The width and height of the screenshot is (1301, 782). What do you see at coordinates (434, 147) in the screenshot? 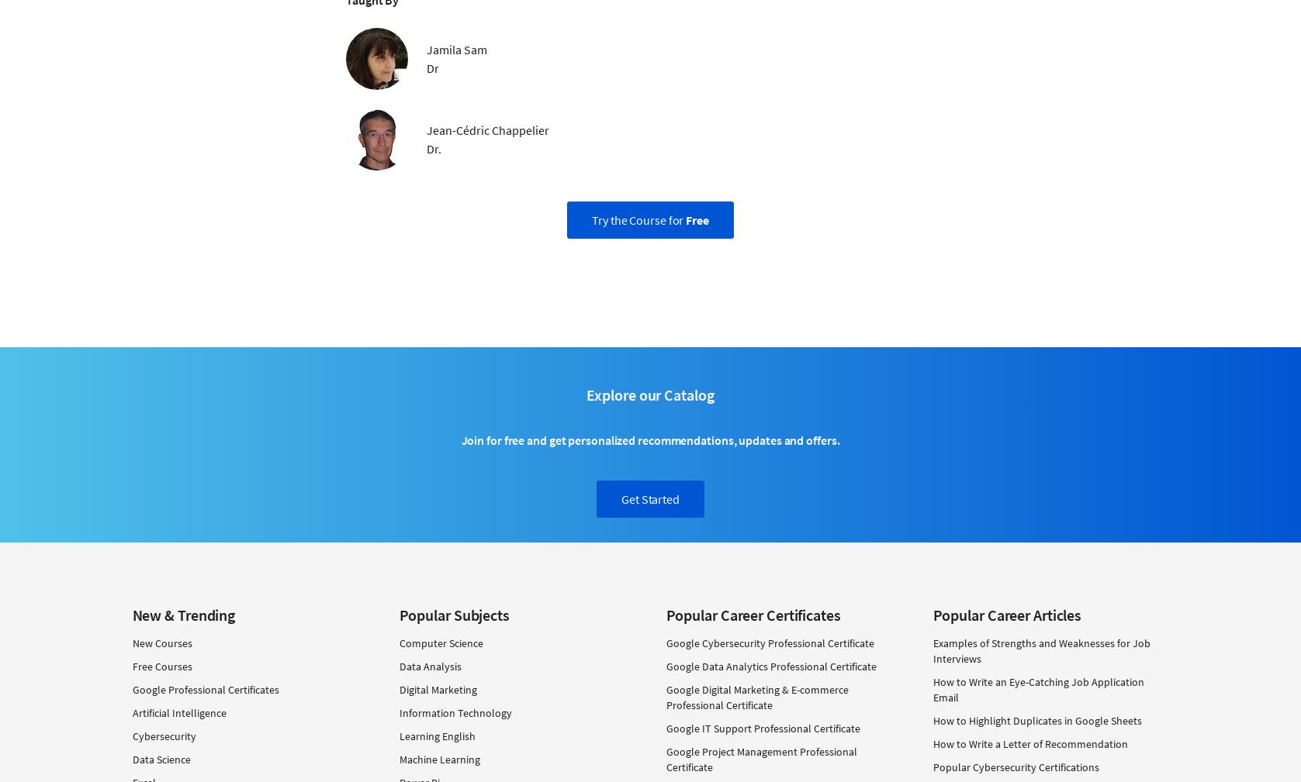
I see `'Dr.'` at bounding box center [434, 147].